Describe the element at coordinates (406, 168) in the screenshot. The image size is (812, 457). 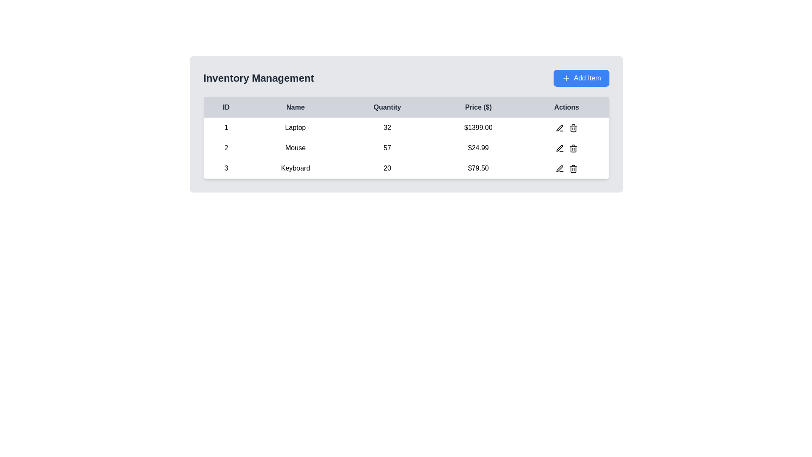
I see `the third row in the inventory table that displays information about 'Keyboard'` at that location.